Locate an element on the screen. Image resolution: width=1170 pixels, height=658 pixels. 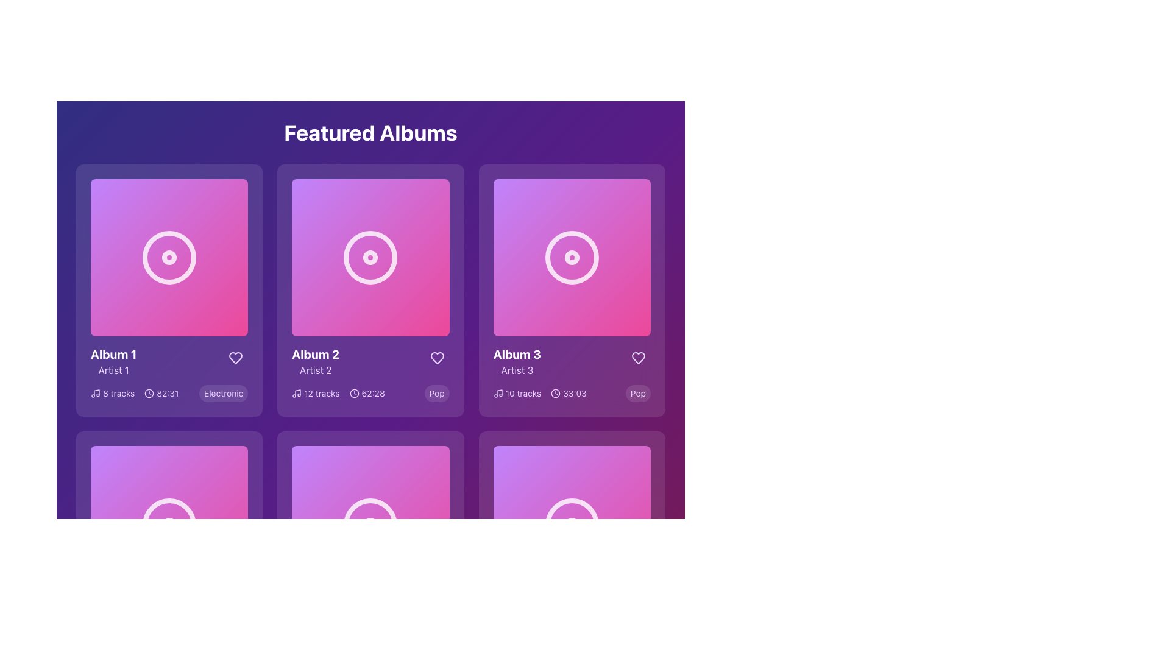
the 'Electronic' genre tag text label located in the bottom right corner of the 'Album 1' card, positioned below the track count and duration text, and next to the heart icon is located at coordinates (224, 394).